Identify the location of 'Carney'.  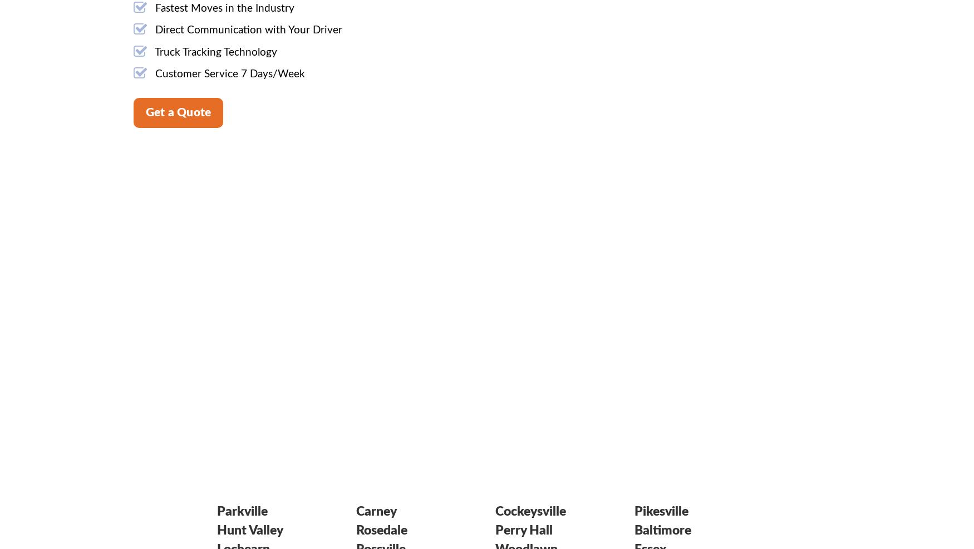
(376, 511).